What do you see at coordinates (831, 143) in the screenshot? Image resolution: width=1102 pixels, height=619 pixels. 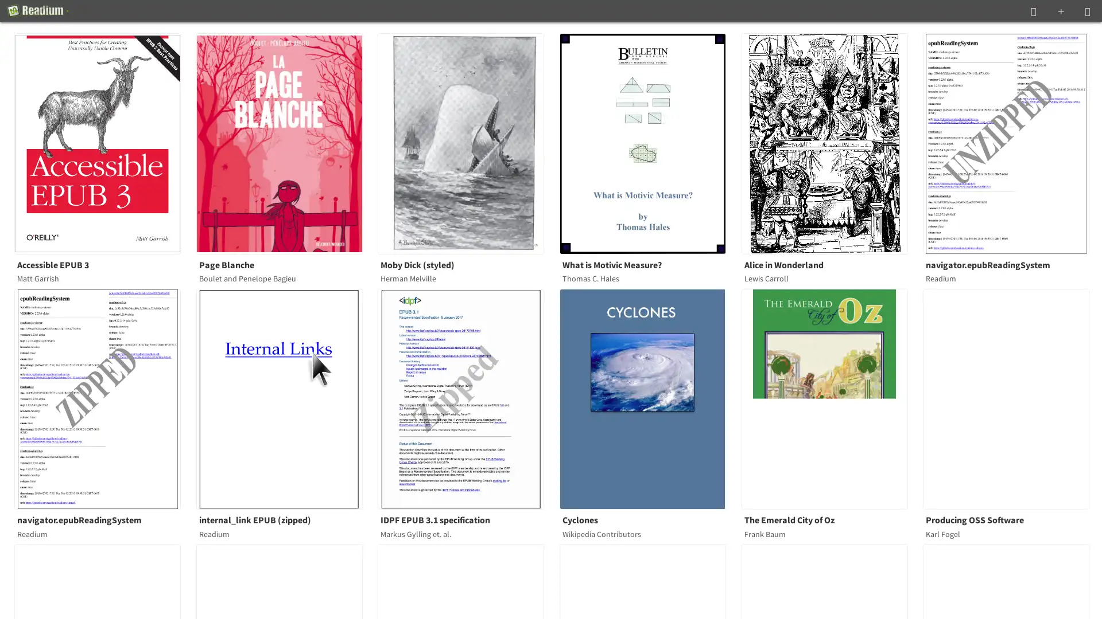 I see `(5) Alice in Wonderland` at bounding box center [831, 143].